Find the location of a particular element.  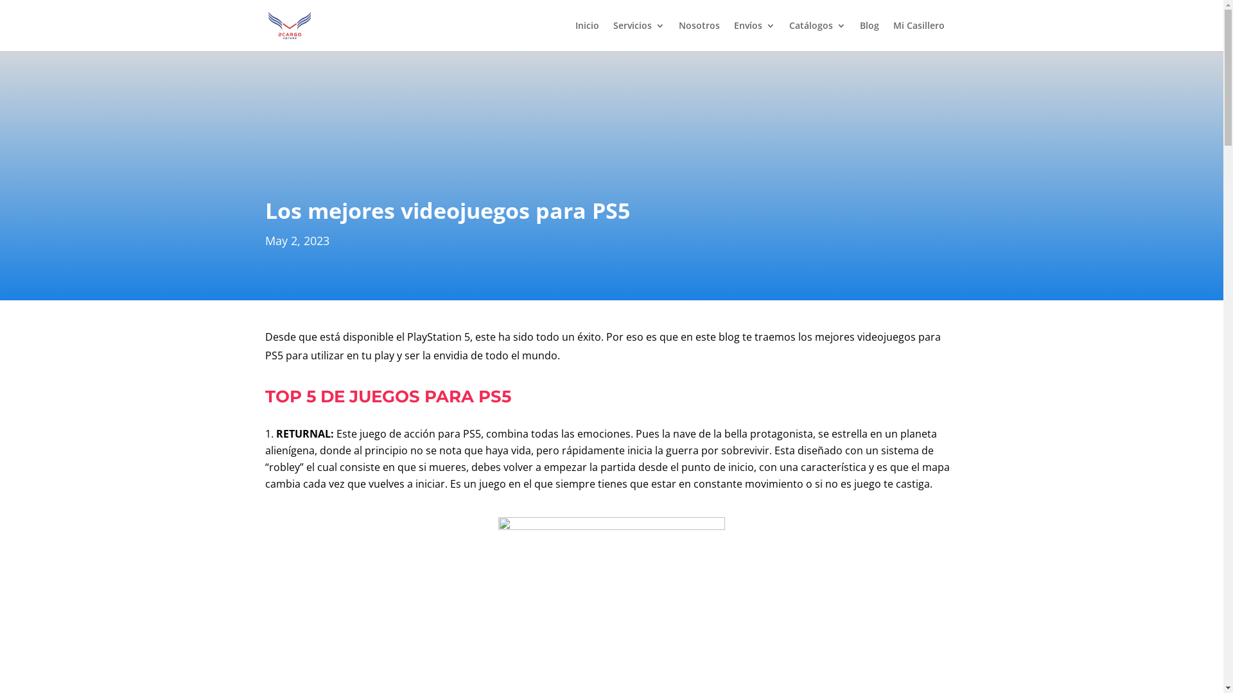

'Blog' is located at coordinates (869, 35).